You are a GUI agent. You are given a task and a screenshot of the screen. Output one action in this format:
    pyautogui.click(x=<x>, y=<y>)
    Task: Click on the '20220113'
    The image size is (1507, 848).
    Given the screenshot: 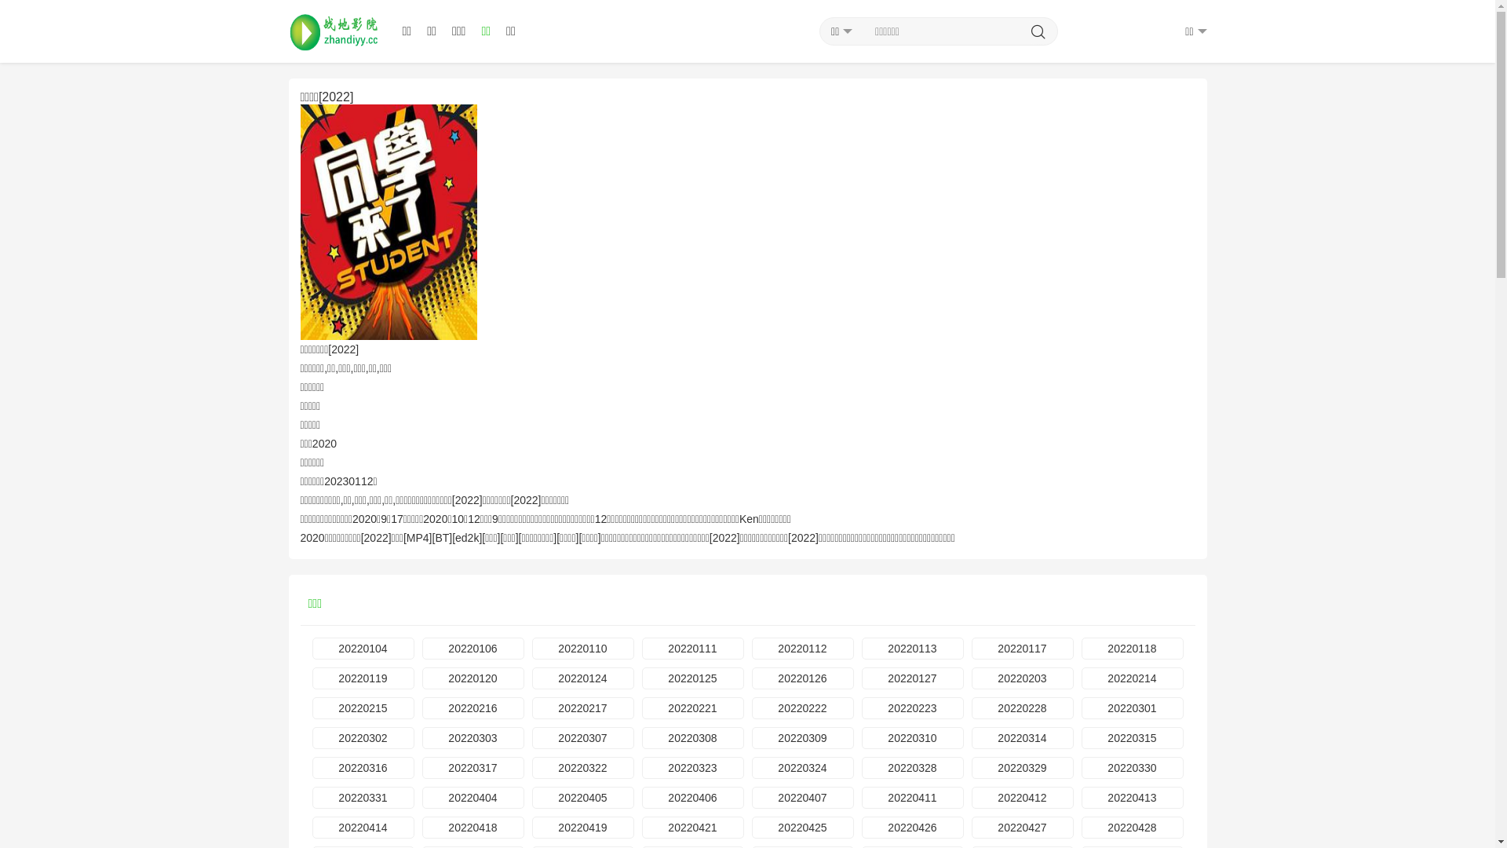 What is the action you would take?
    pyautogui.click(x=912, y=648)
    